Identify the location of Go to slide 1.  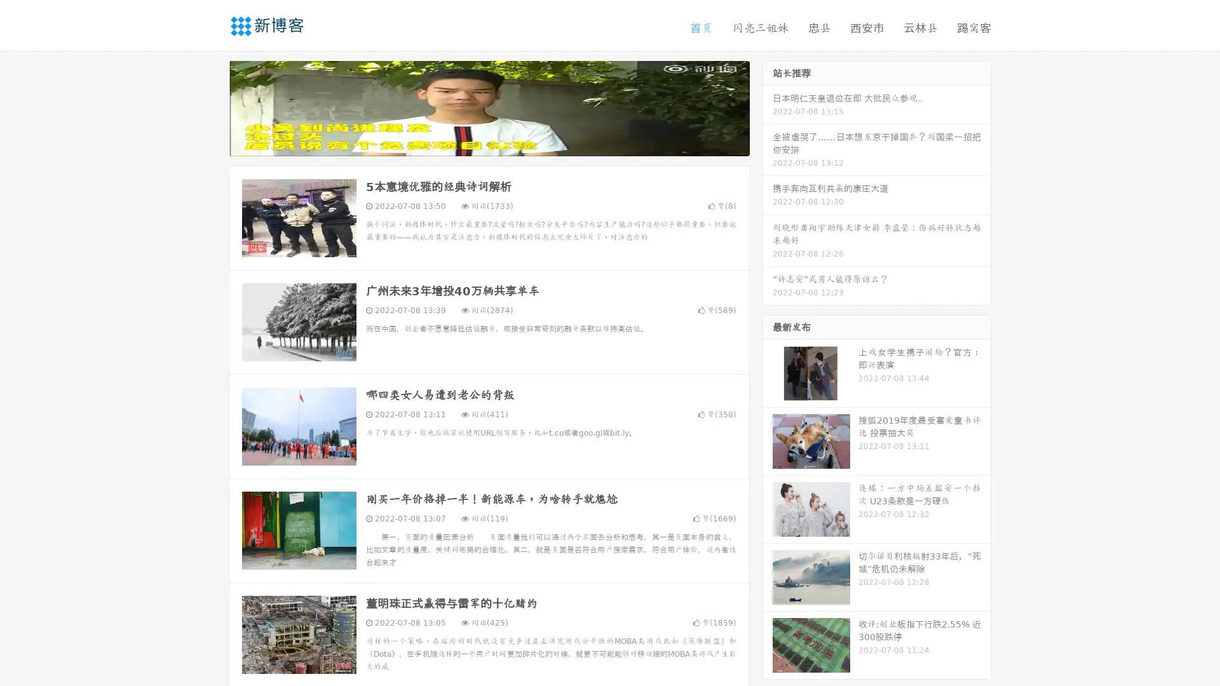
(475, 143).